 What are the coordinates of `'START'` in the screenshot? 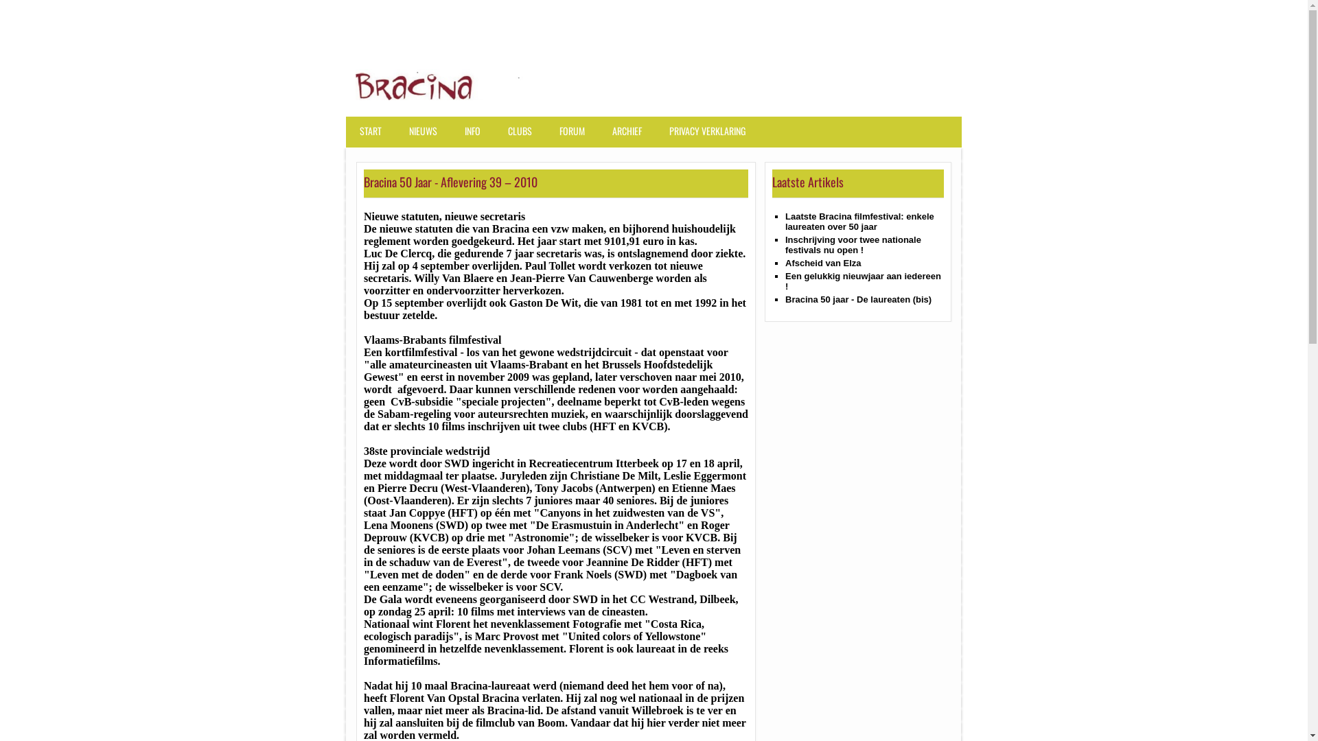 It's located at (374, 137).